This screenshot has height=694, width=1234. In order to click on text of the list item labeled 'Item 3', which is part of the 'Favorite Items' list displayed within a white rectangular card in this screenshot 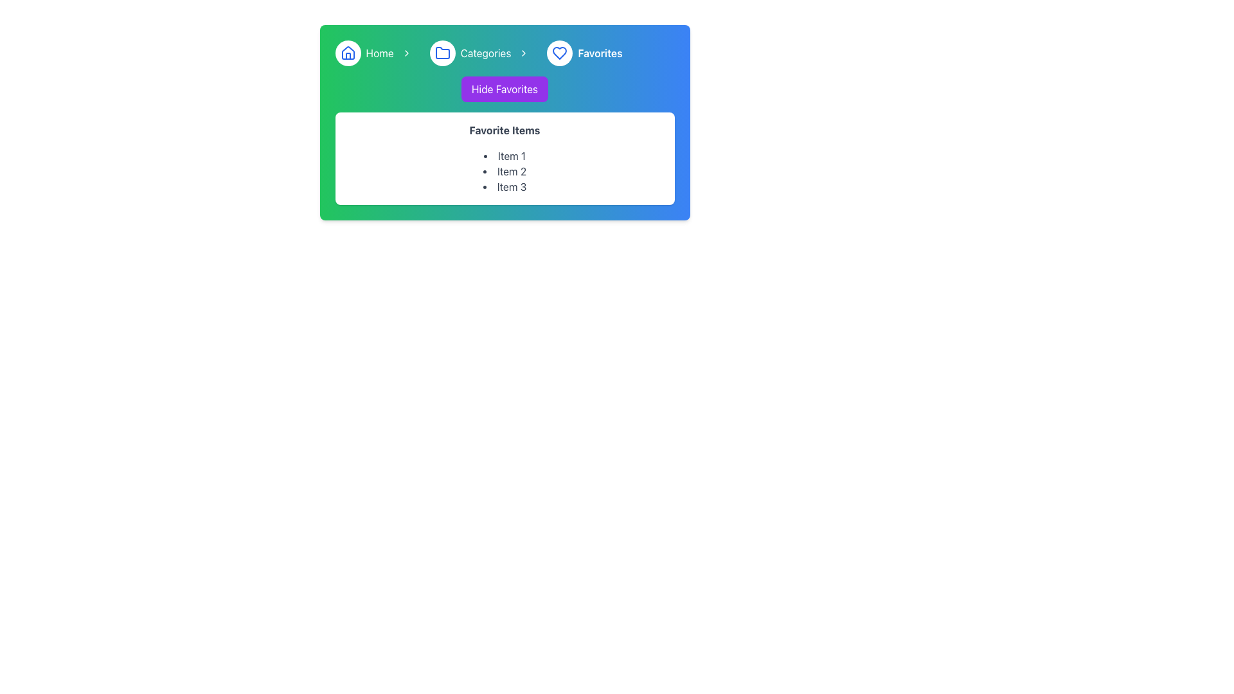, I will do `click(504, 186)`.